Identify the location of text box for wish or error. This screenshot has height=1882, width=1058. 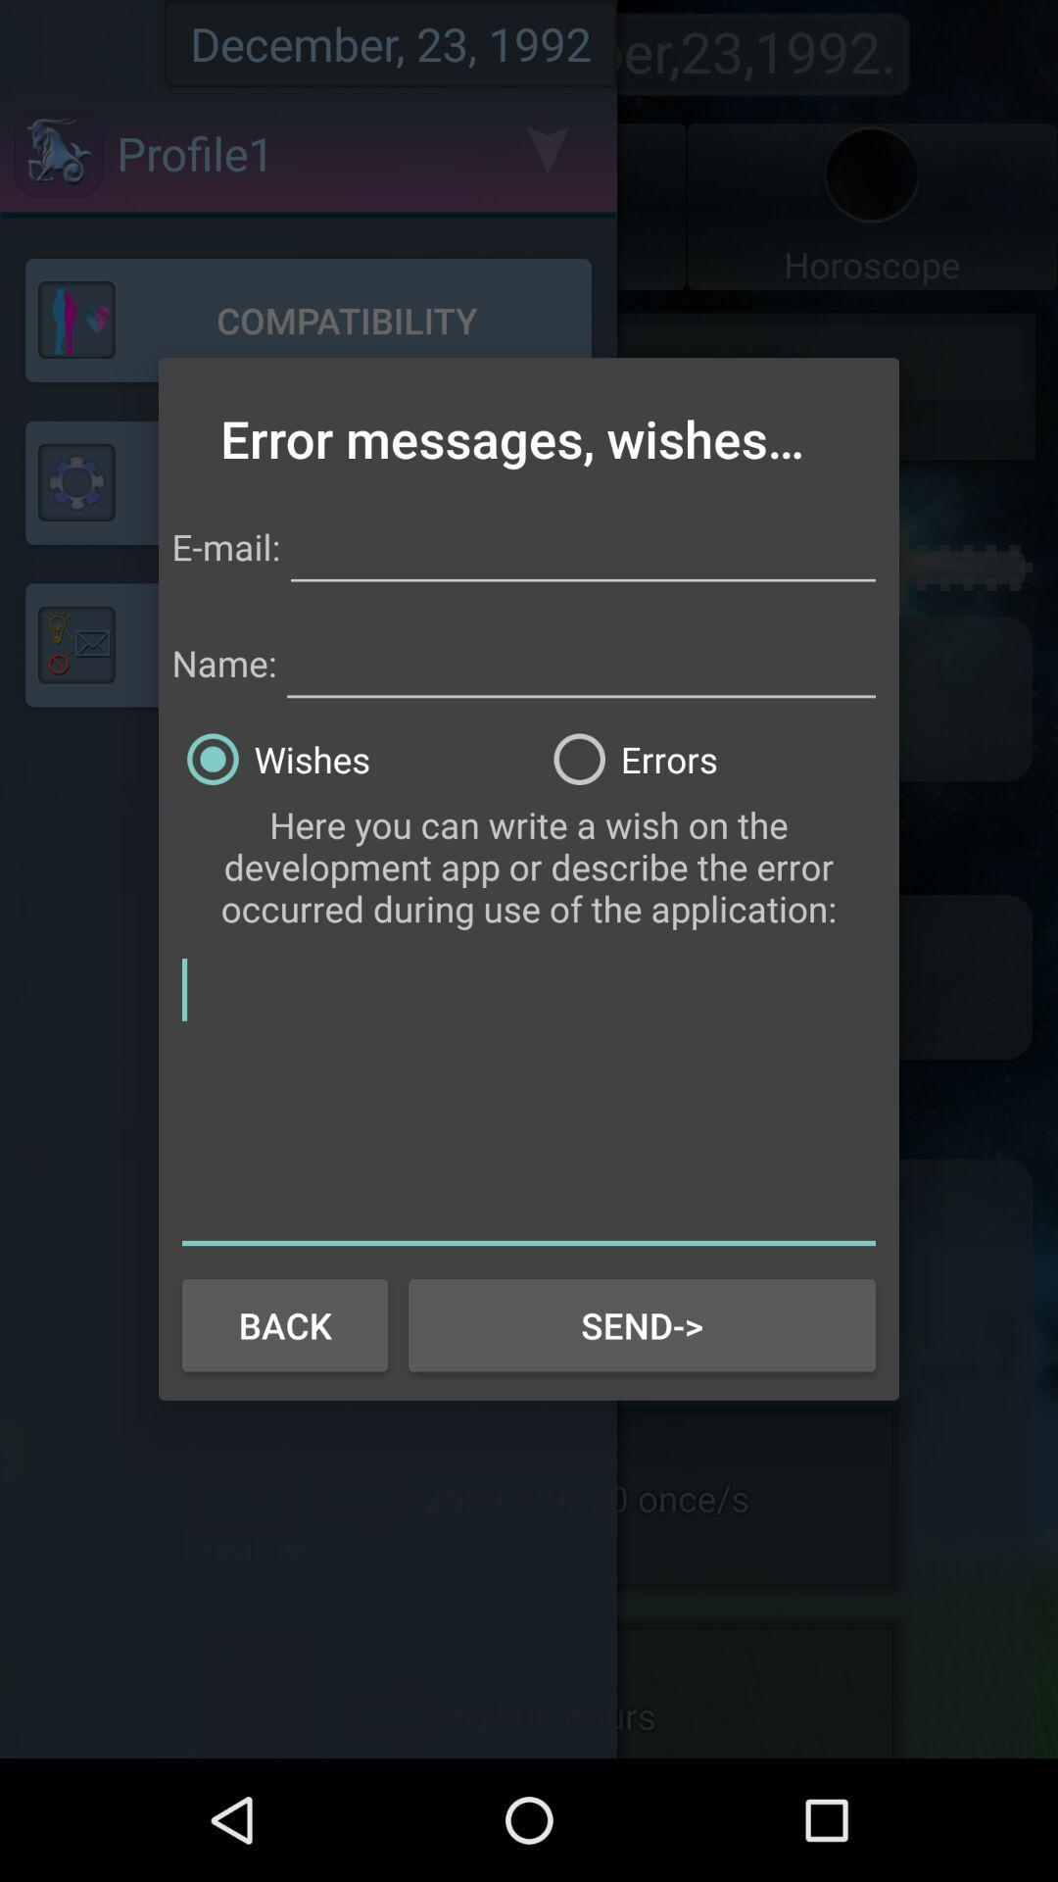
(529, 1098).